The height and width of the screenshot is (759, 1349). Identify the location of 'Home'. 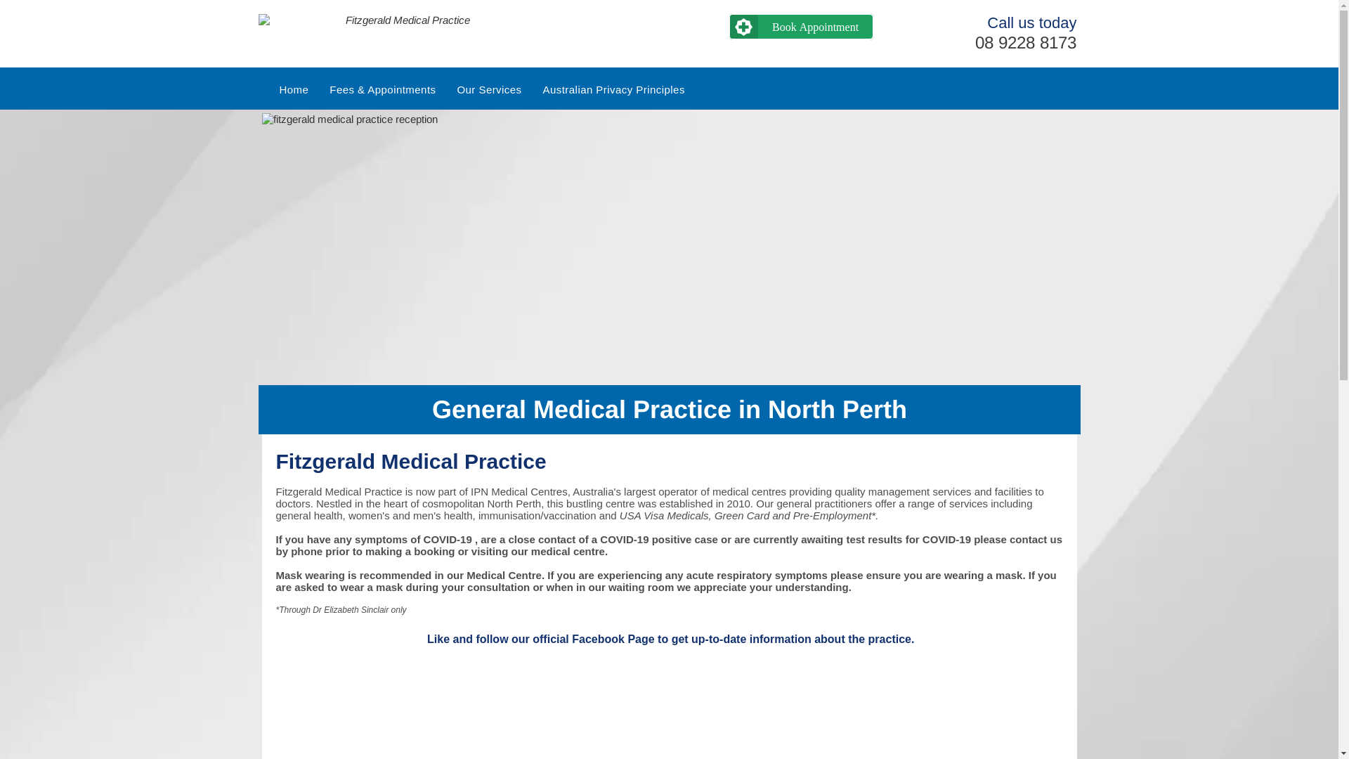
(268, 89).